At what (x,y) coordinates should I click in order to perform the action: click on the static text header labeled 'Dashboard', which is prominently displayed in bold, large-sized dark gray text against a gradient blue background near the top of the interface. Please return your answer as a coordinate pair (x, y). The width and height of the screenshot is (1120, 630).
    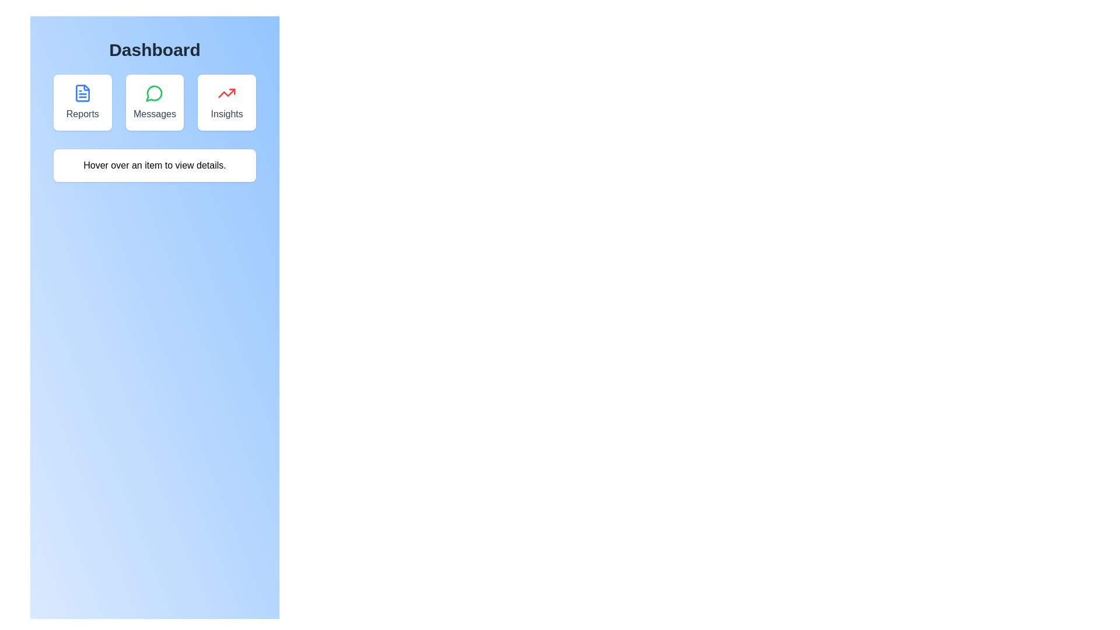
    Looking at the image, I should click on (154, 49).